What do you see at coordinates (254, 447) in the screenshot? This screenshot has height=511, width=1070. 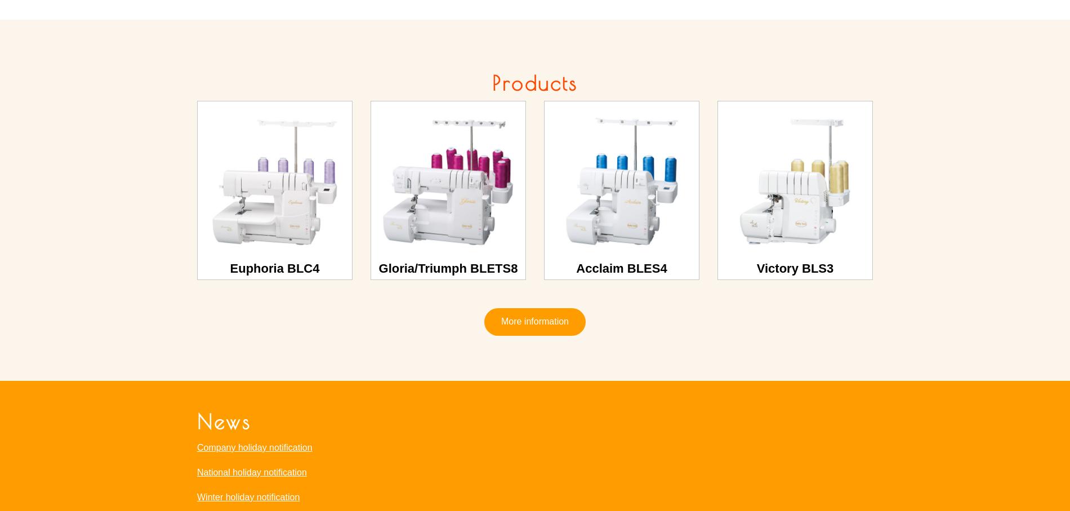 I see `'Company holiday notification'` at bounding box center [254, 447].